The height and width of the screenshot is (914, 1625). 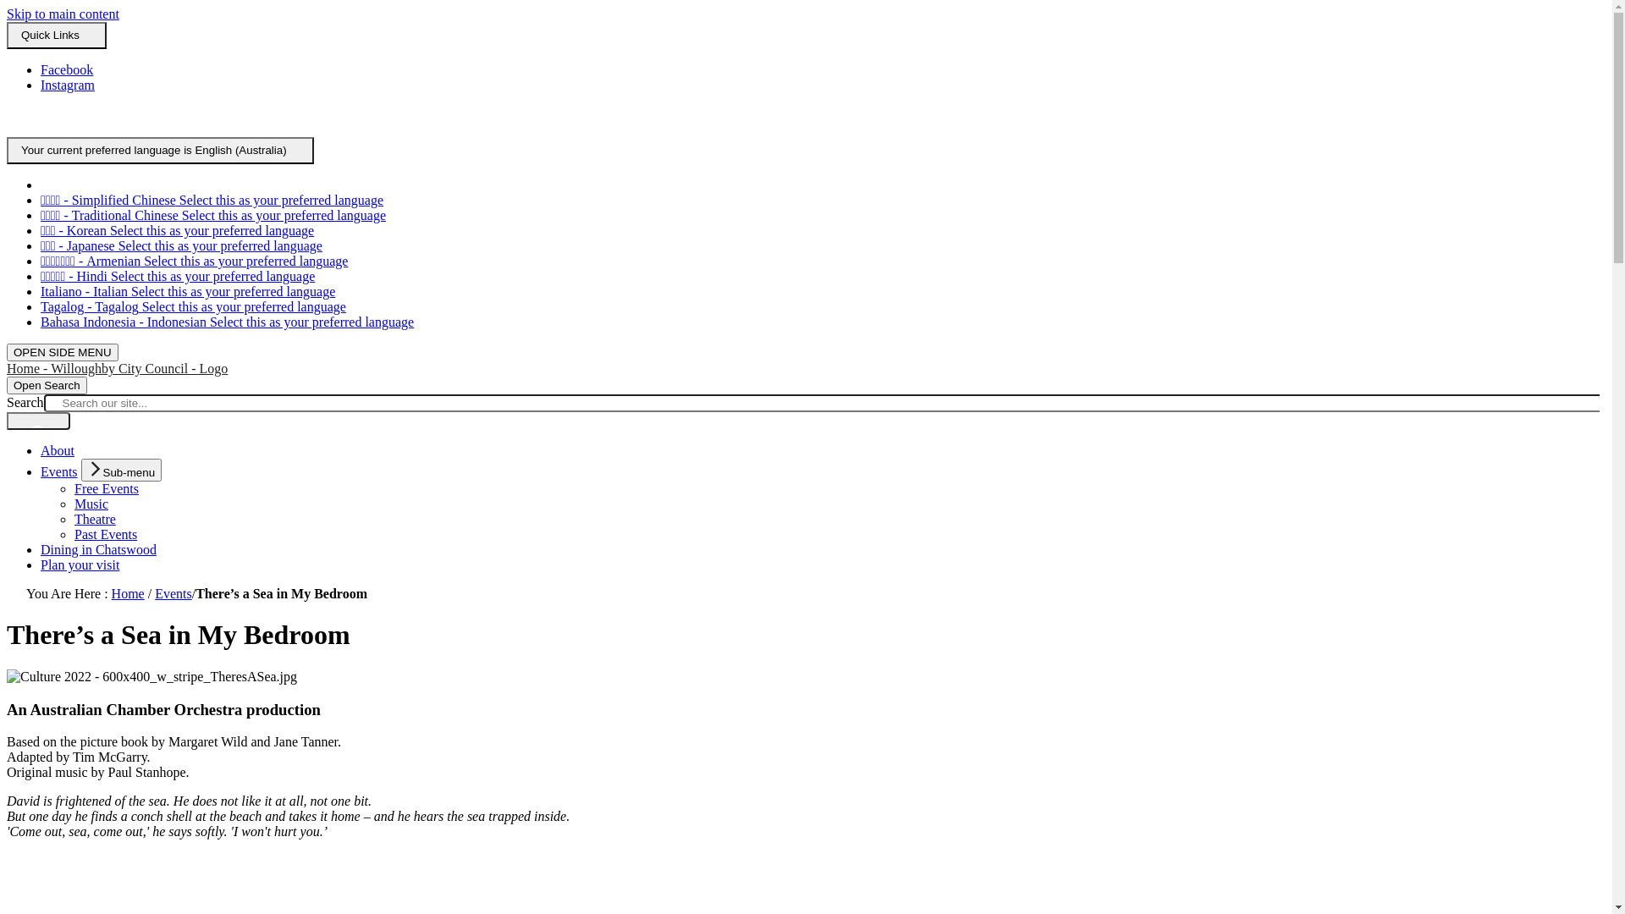 I want to click on 'Culture 2022 - 600x400_w_stripe_TheresASea.jpg', so click(x=151, y=675).